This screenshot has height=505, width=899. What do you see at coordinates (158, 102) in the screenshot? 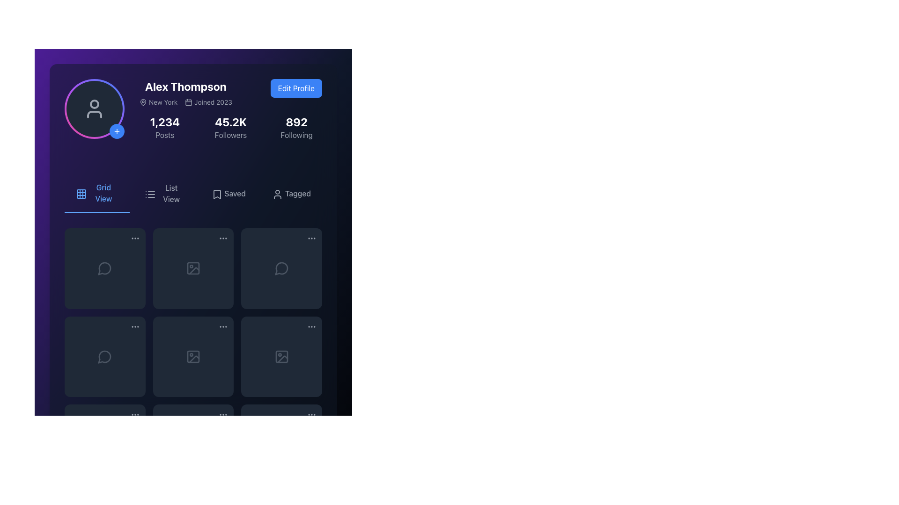
I see `the 'New York' text label with the pin icon located in the header section, to the left of 'Joined 2023' and beneath the username 'Alex Thompson'` at bounding box center [158, 102].